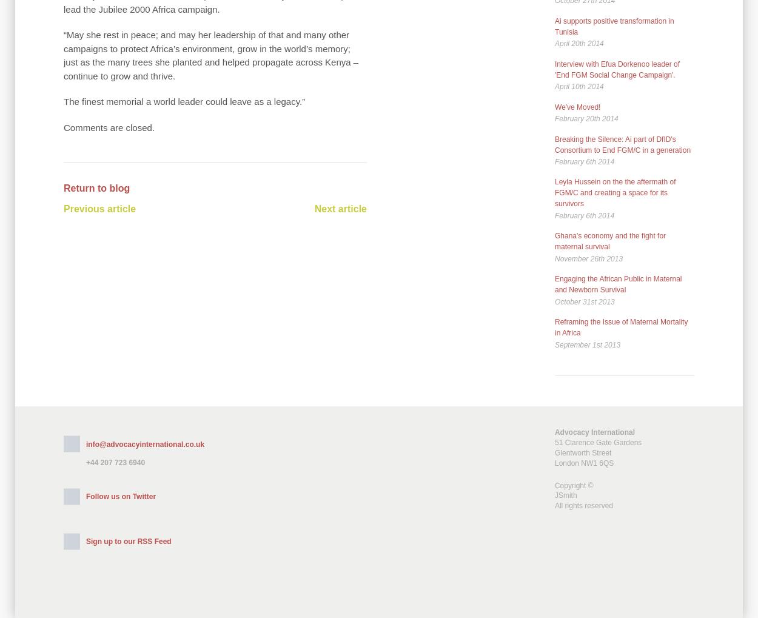 The width and height of the screenshot is (758, 618). I want to click on 'October 31st 2013', so click(584, 301).